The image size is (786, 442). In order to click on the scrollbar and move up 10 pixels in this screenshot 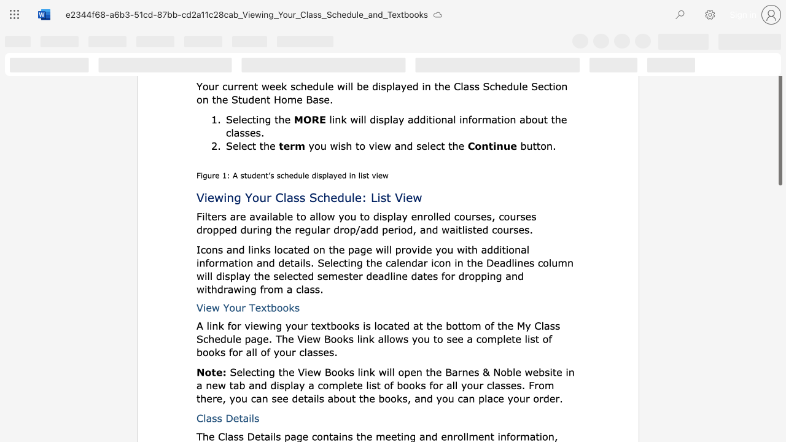, I will do `click(779, 125)`.